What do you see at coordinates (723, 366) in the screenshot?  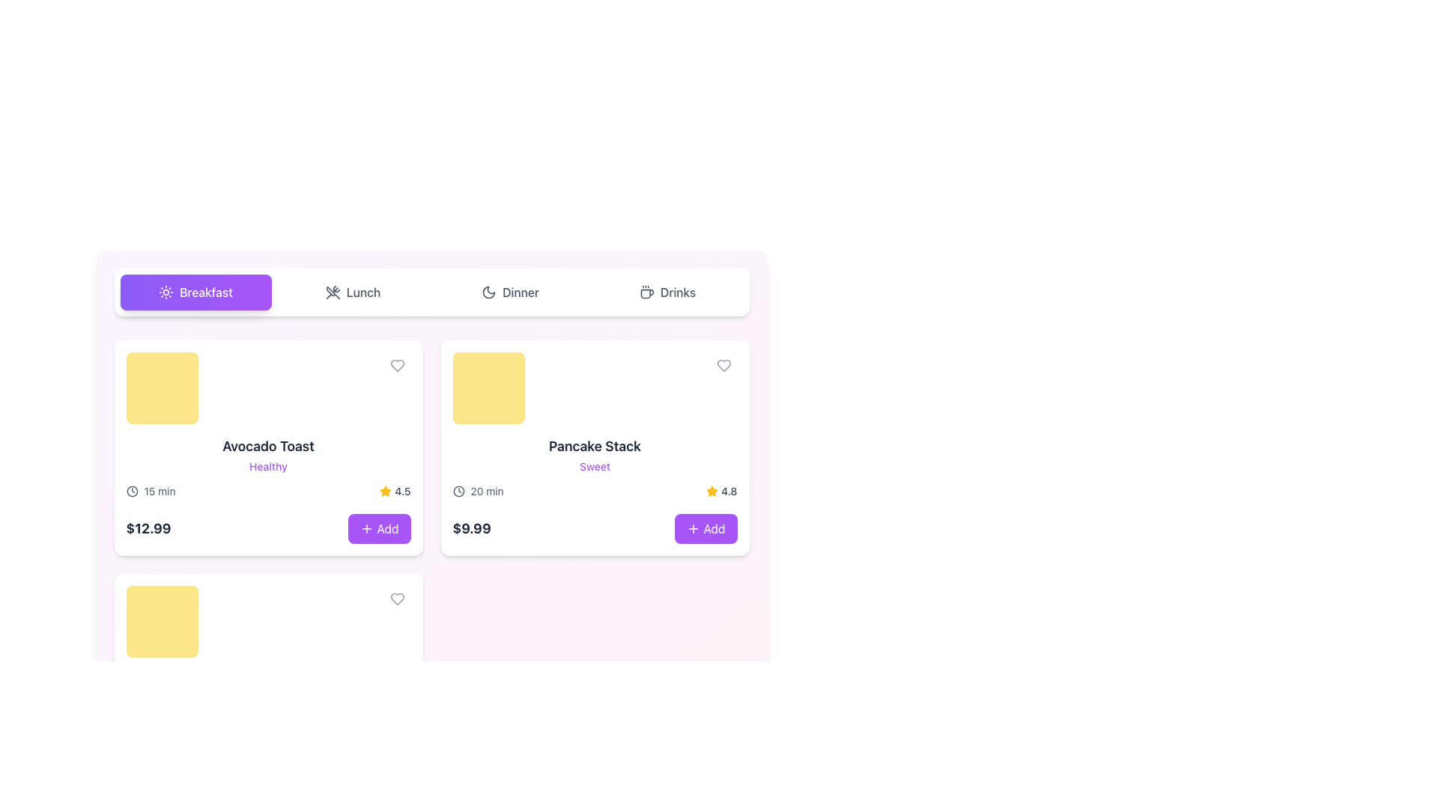 I see `the heart-shaped icon in the top-right corner of the 'Pancake Stack' menu item card` at bounding box center [723, 366].